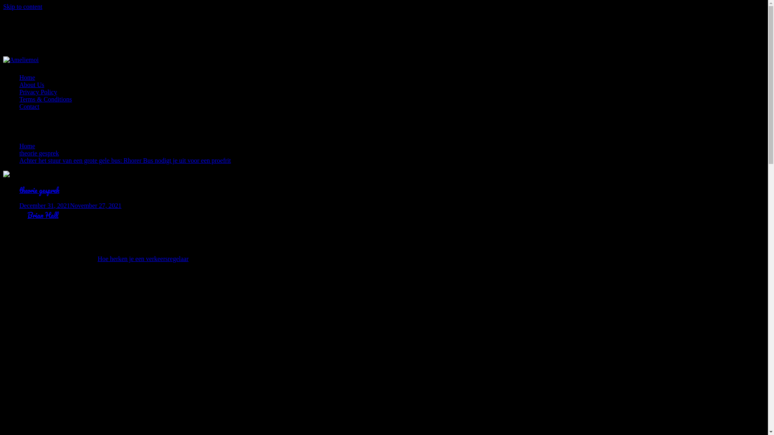  What do you see at coordinates (29, 106) in the screenshot?
I see `'Contact'` at bounding box center [29, 106].